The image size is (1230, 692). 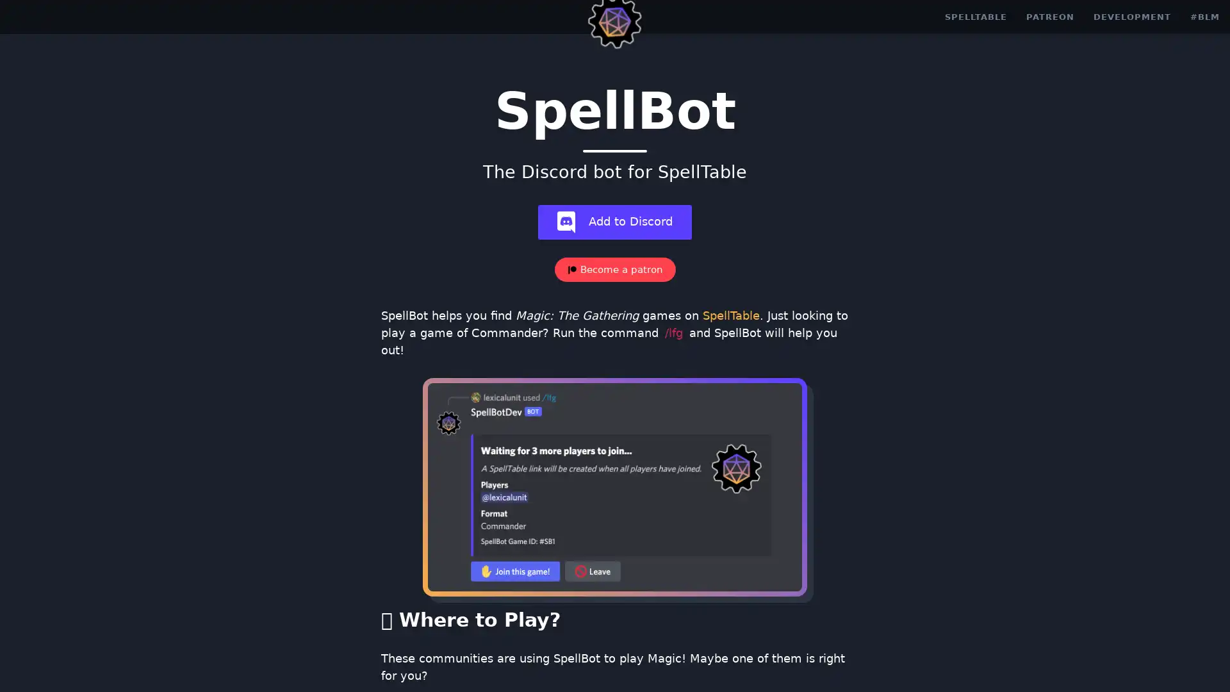 I want to click on add-bot Add to Discord, so click(x=615, y=221).